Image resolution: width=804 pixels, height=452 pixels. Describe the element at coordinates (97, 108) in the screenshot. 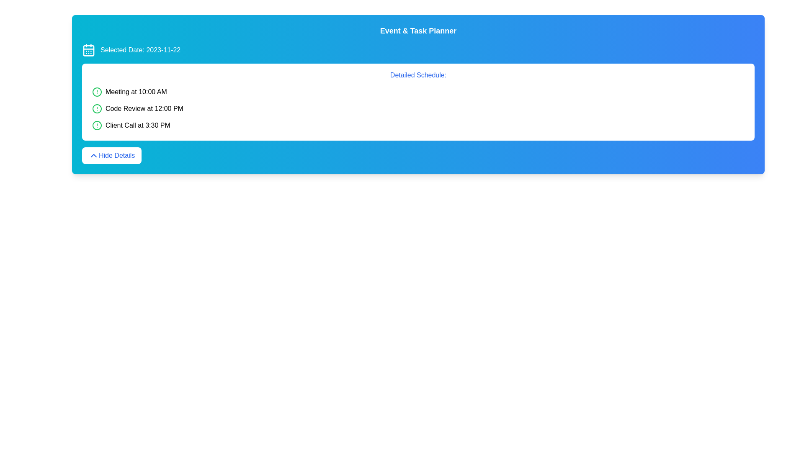

I see `the circle-shaped icon with a green outline preceding the 'Code Review at 12:00 PM' text in the event list` at that location.